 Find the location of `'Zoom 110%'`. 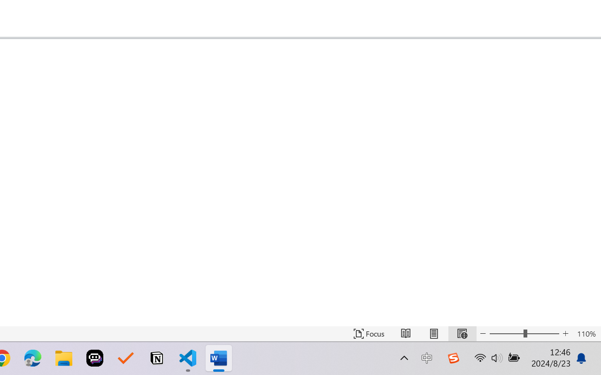

'Zoom 110%' is located at coordinates (586, 333).